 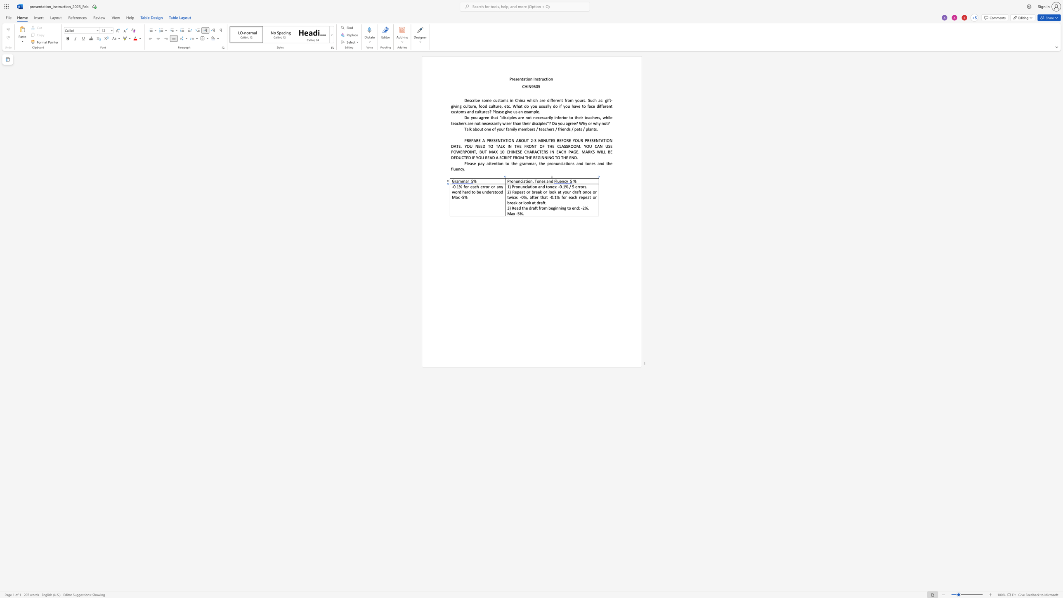 I want to click on the 1th character "o" in the text, so click(x=517, y=187).